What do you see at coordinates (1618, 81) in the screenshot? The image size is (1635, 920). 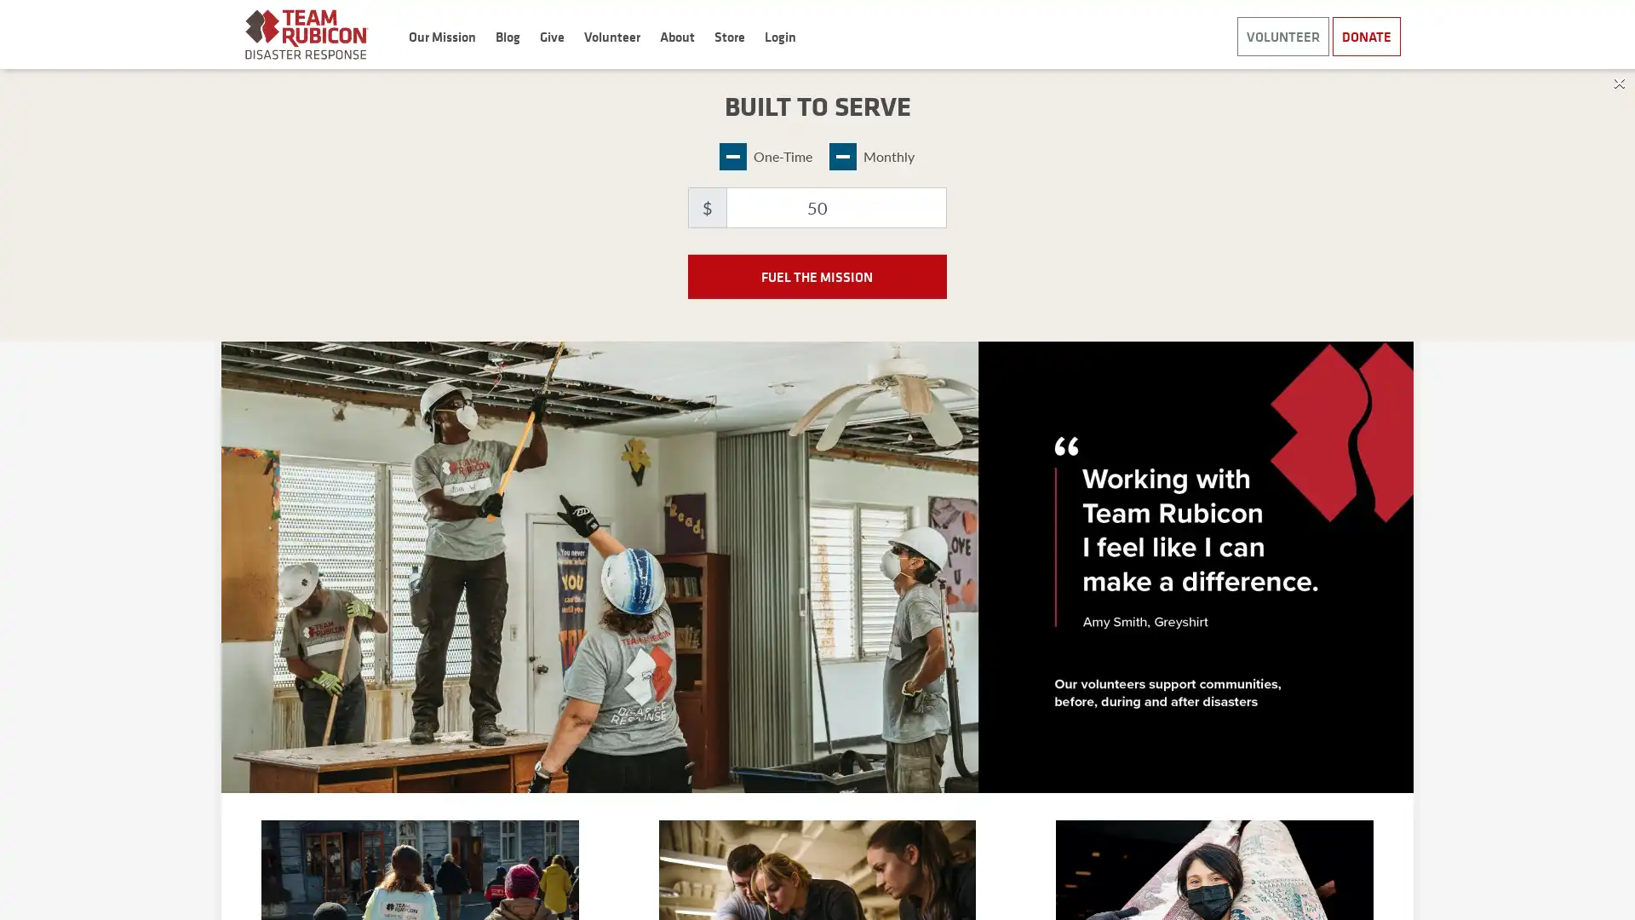 I see `Close` at bounding box center [1618, 81].